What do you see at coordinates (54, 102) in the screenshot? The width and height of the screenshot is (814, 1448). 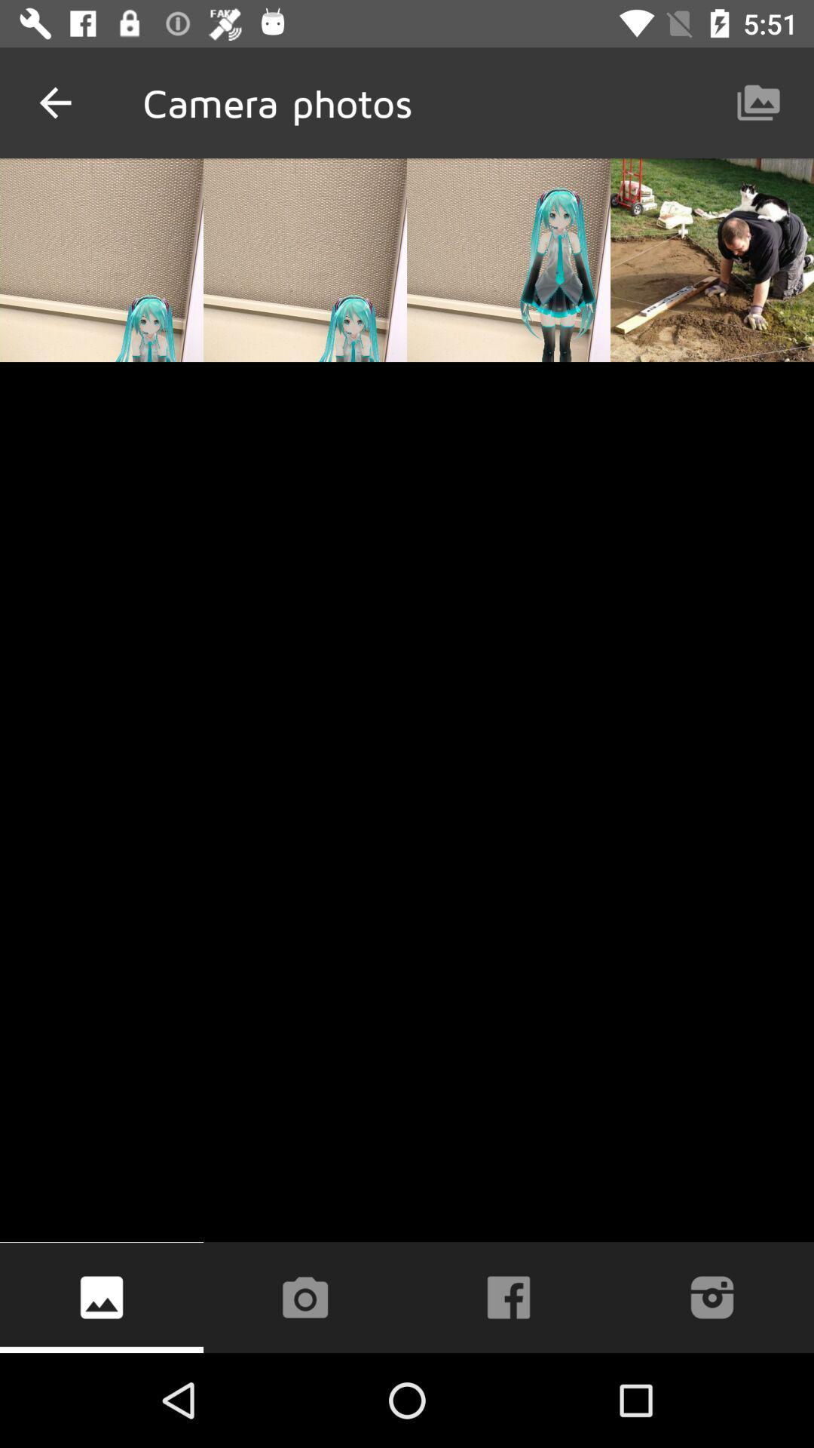 I see `the icon to the left of camera photos item` at bounding box center [54, 102].